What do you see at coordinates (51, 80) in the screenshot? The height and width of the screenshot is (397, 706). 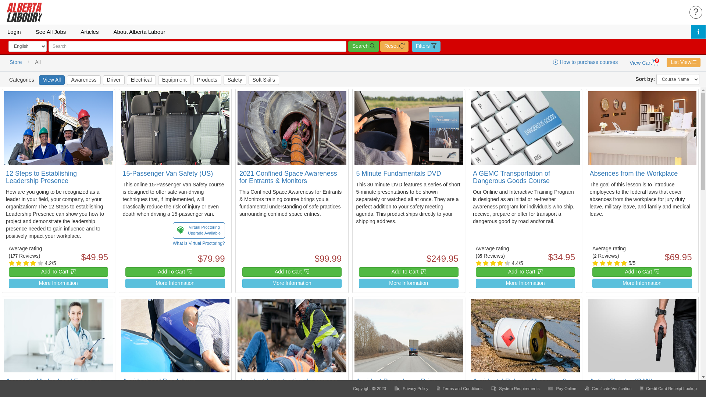 I see `'View All'` at bounding box center [51, 80].